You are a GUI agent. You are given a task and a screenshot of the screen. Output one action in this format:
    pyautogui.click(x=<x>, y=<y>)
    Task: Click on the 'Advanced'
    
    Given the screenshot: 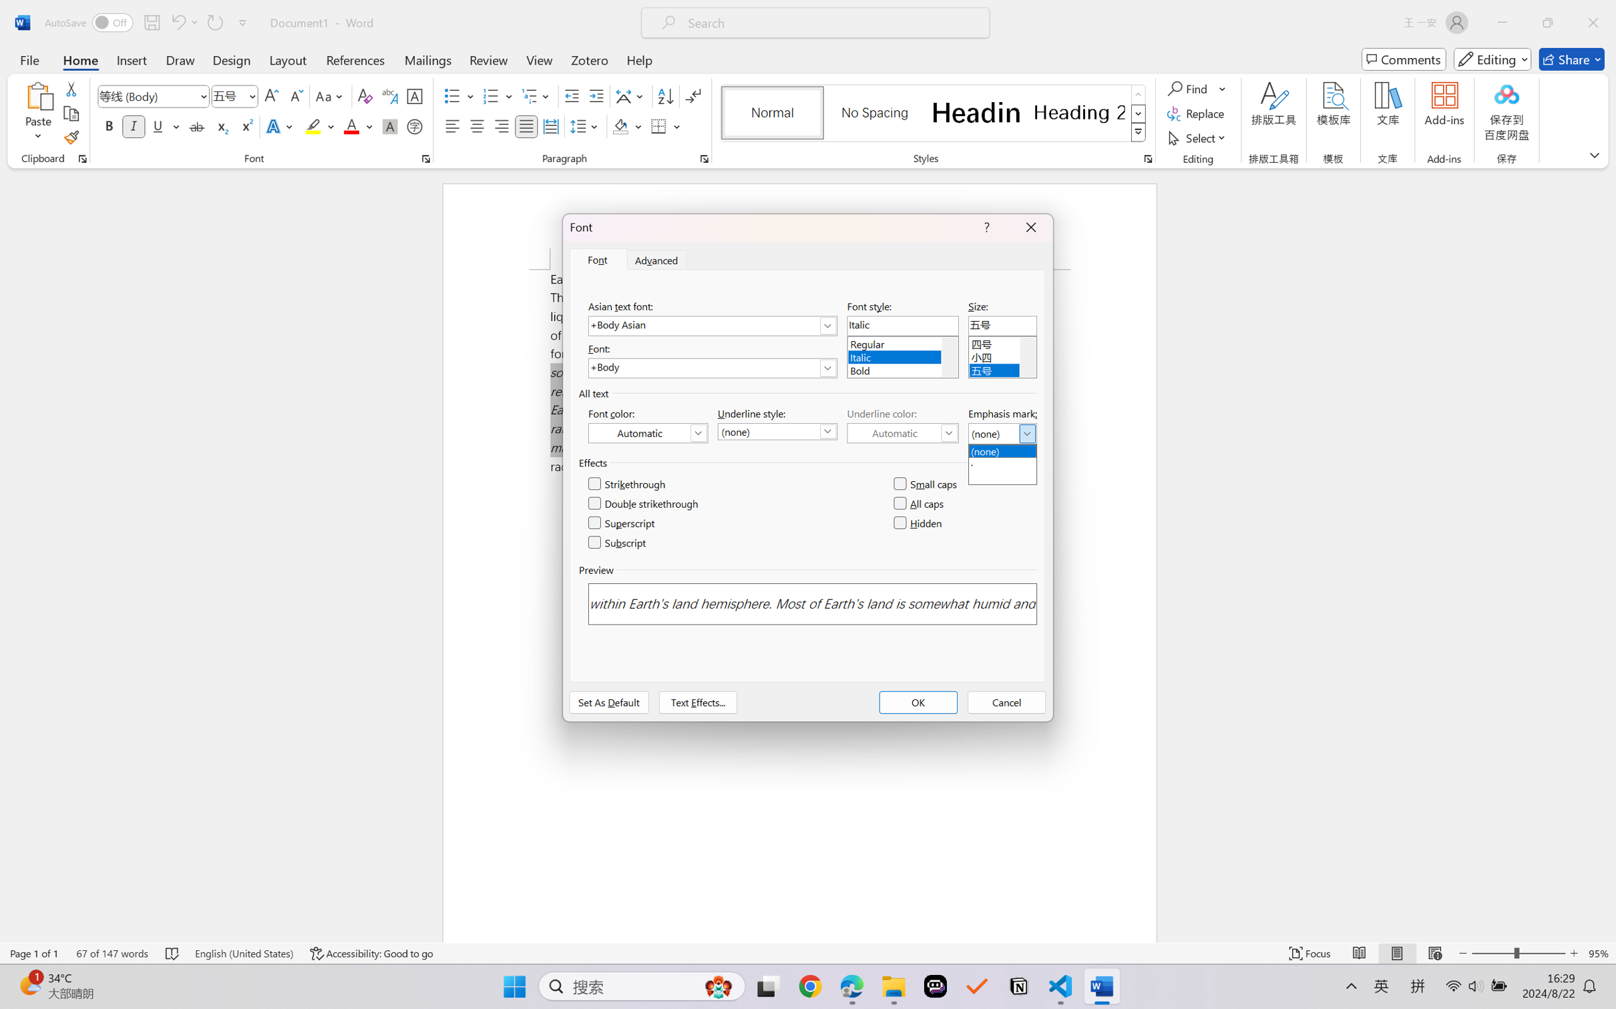 What is the action you would take?
    pyautogui.click(x=657, y=259)
    